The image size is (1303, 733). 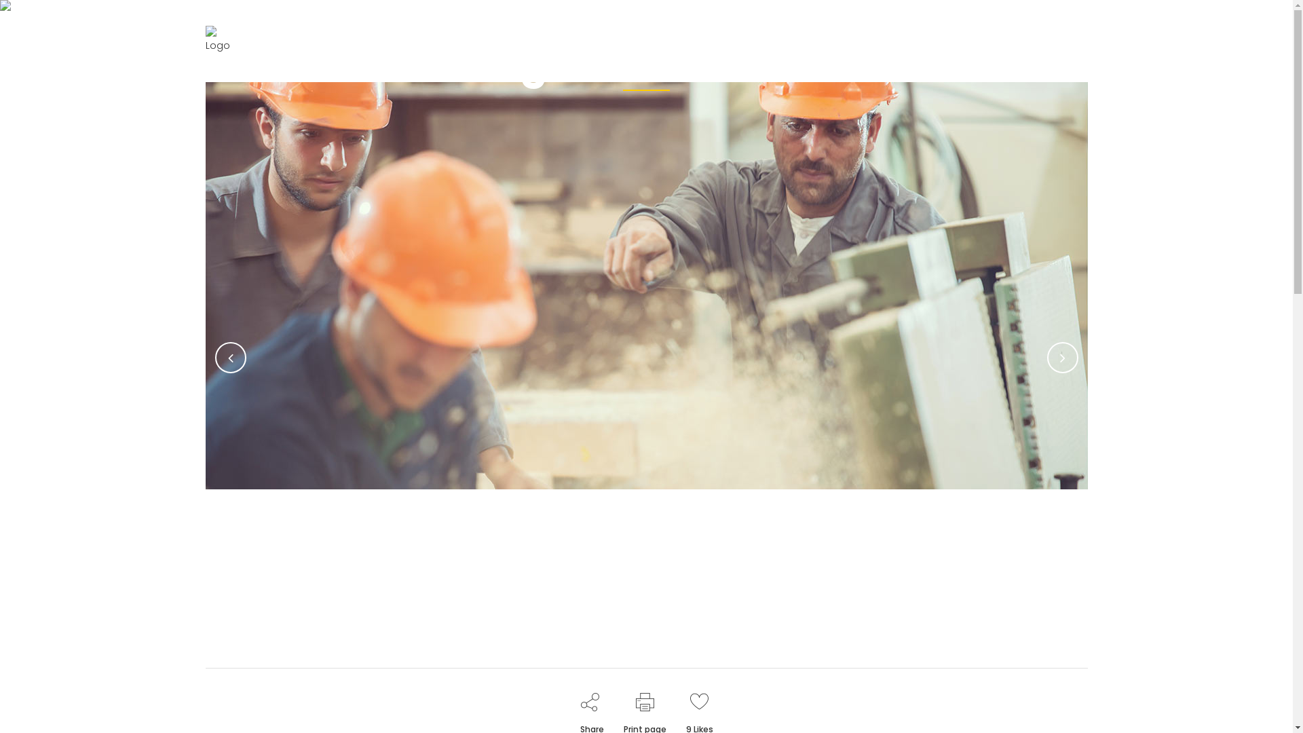 What do you see at coordinates (962, 45) in the screenshot?
I see `'CONTACT'` at bounding box center [962, 45].